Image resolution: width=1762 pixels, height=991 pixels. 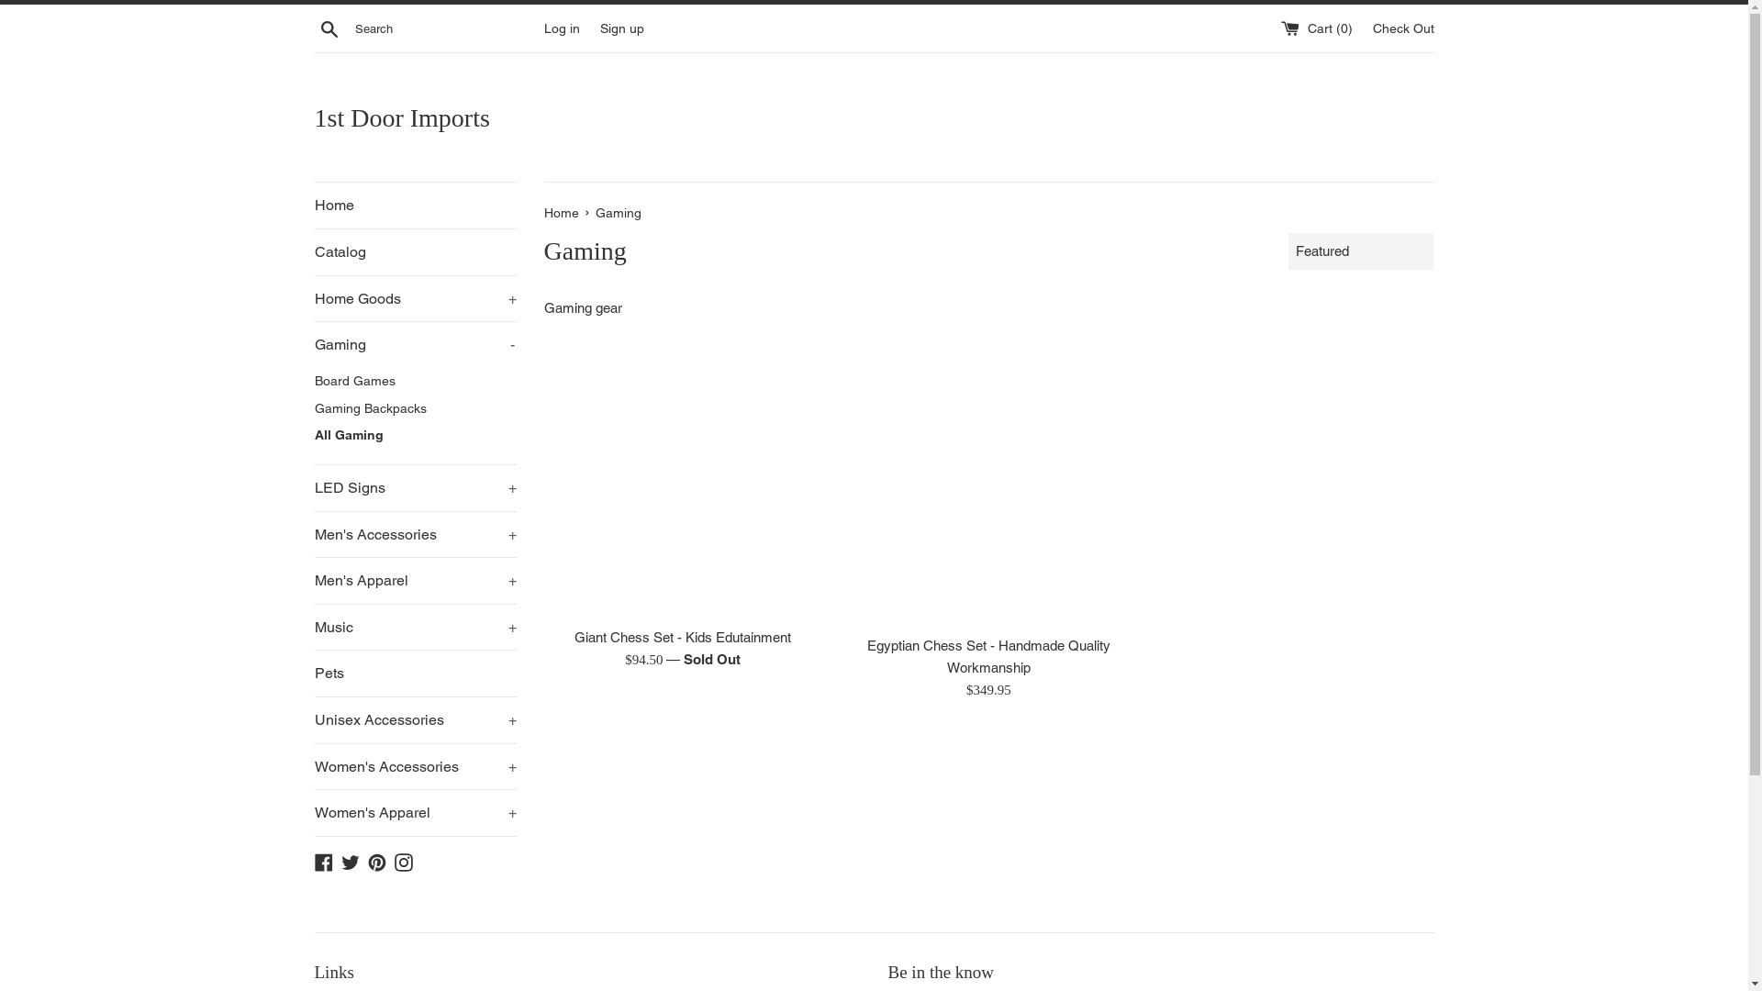 I want to click on 'Pets', so click(x=413, y=673).